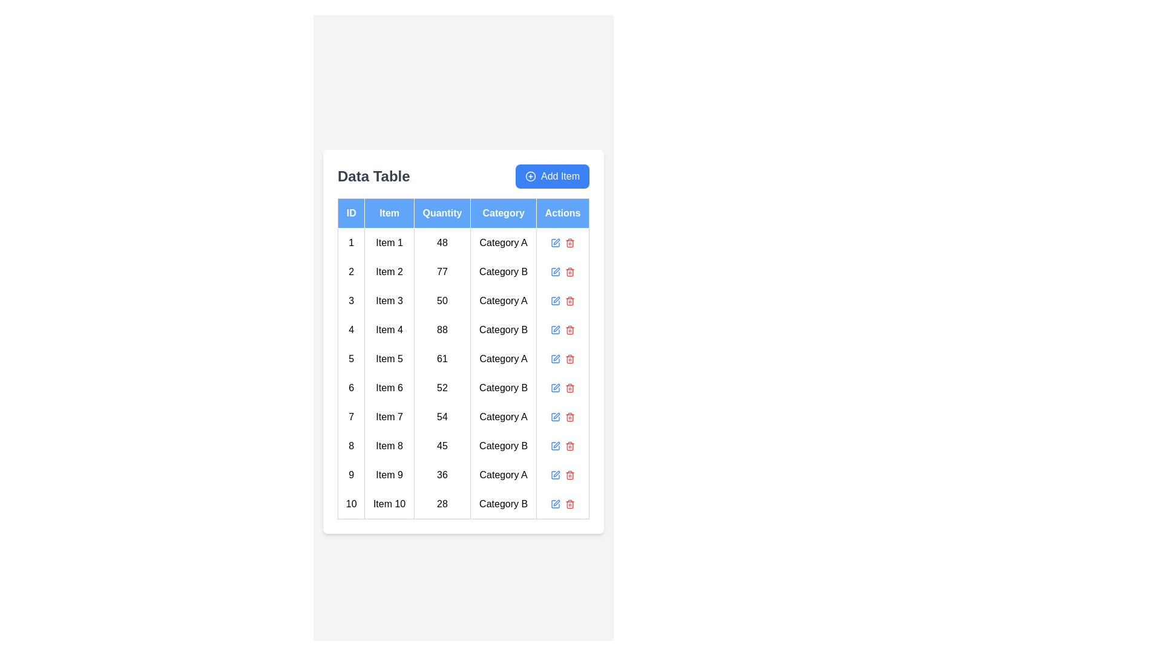 This screenshot has height=653, width=1162. Describe the element at coordinates (389, 504) in the screenshot. I see `text content of the 'Item 10' label in the last row of the data table` at that location.